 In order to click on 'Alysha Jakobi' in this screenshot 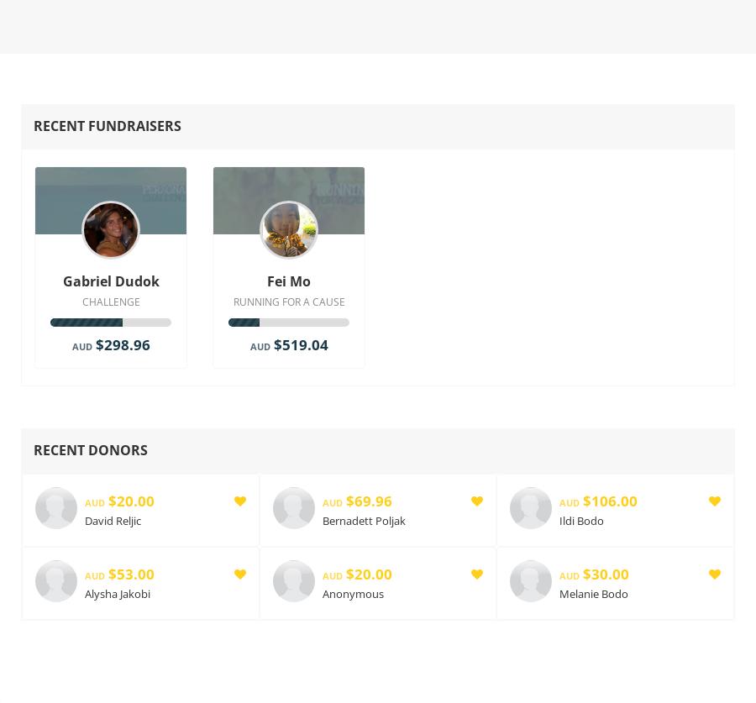, I will do `click(118, 592)`.